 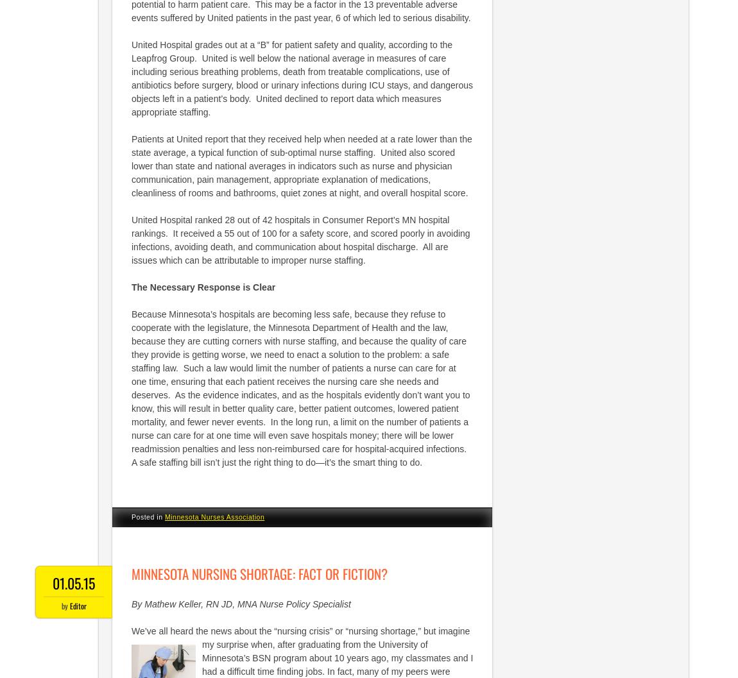 I want to click on 'United Hospital grades out at a “B” for patient safety and quality, according to the Leapfrog Group.  United is well below the national average in measures of care including serious breathing problems, death from treatable complications, use of antibiotics before surgery, blood or urinary infections during ICU stays, and dangerous objects left in a patient’s body.  United declined to report data which measures appropriate staffing.', so click(x=131, y=77).